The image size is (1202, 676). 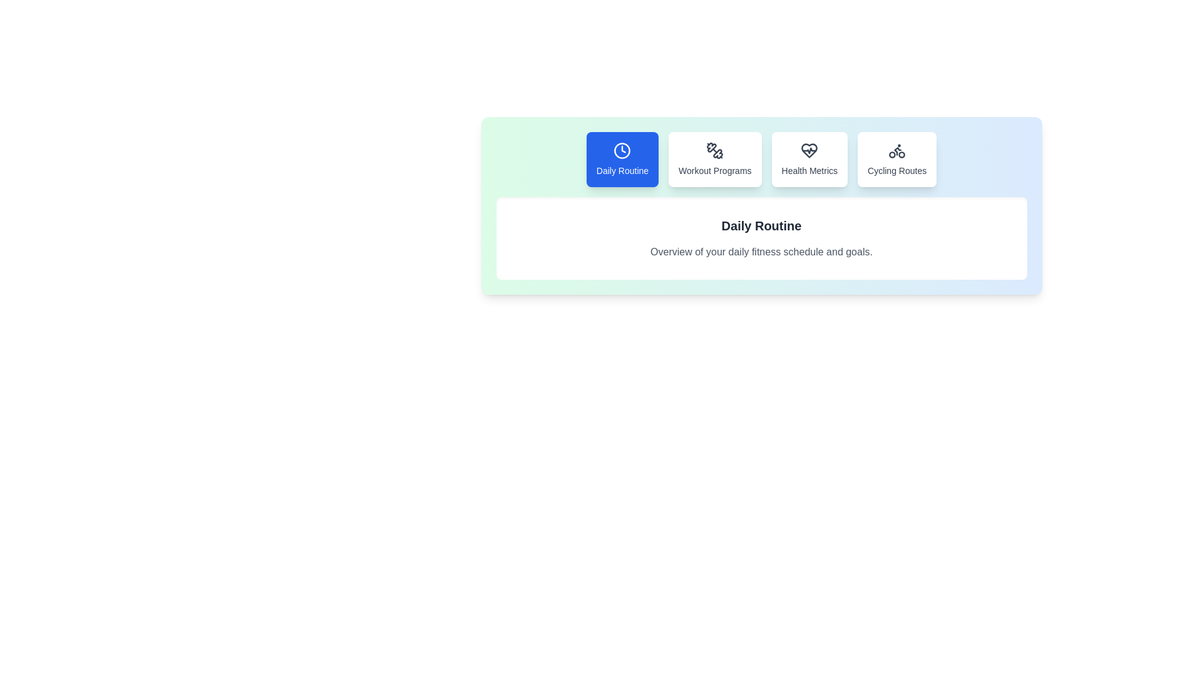 I want to click on the tab button labeled Workout Programs, so click(x=715, y=158).